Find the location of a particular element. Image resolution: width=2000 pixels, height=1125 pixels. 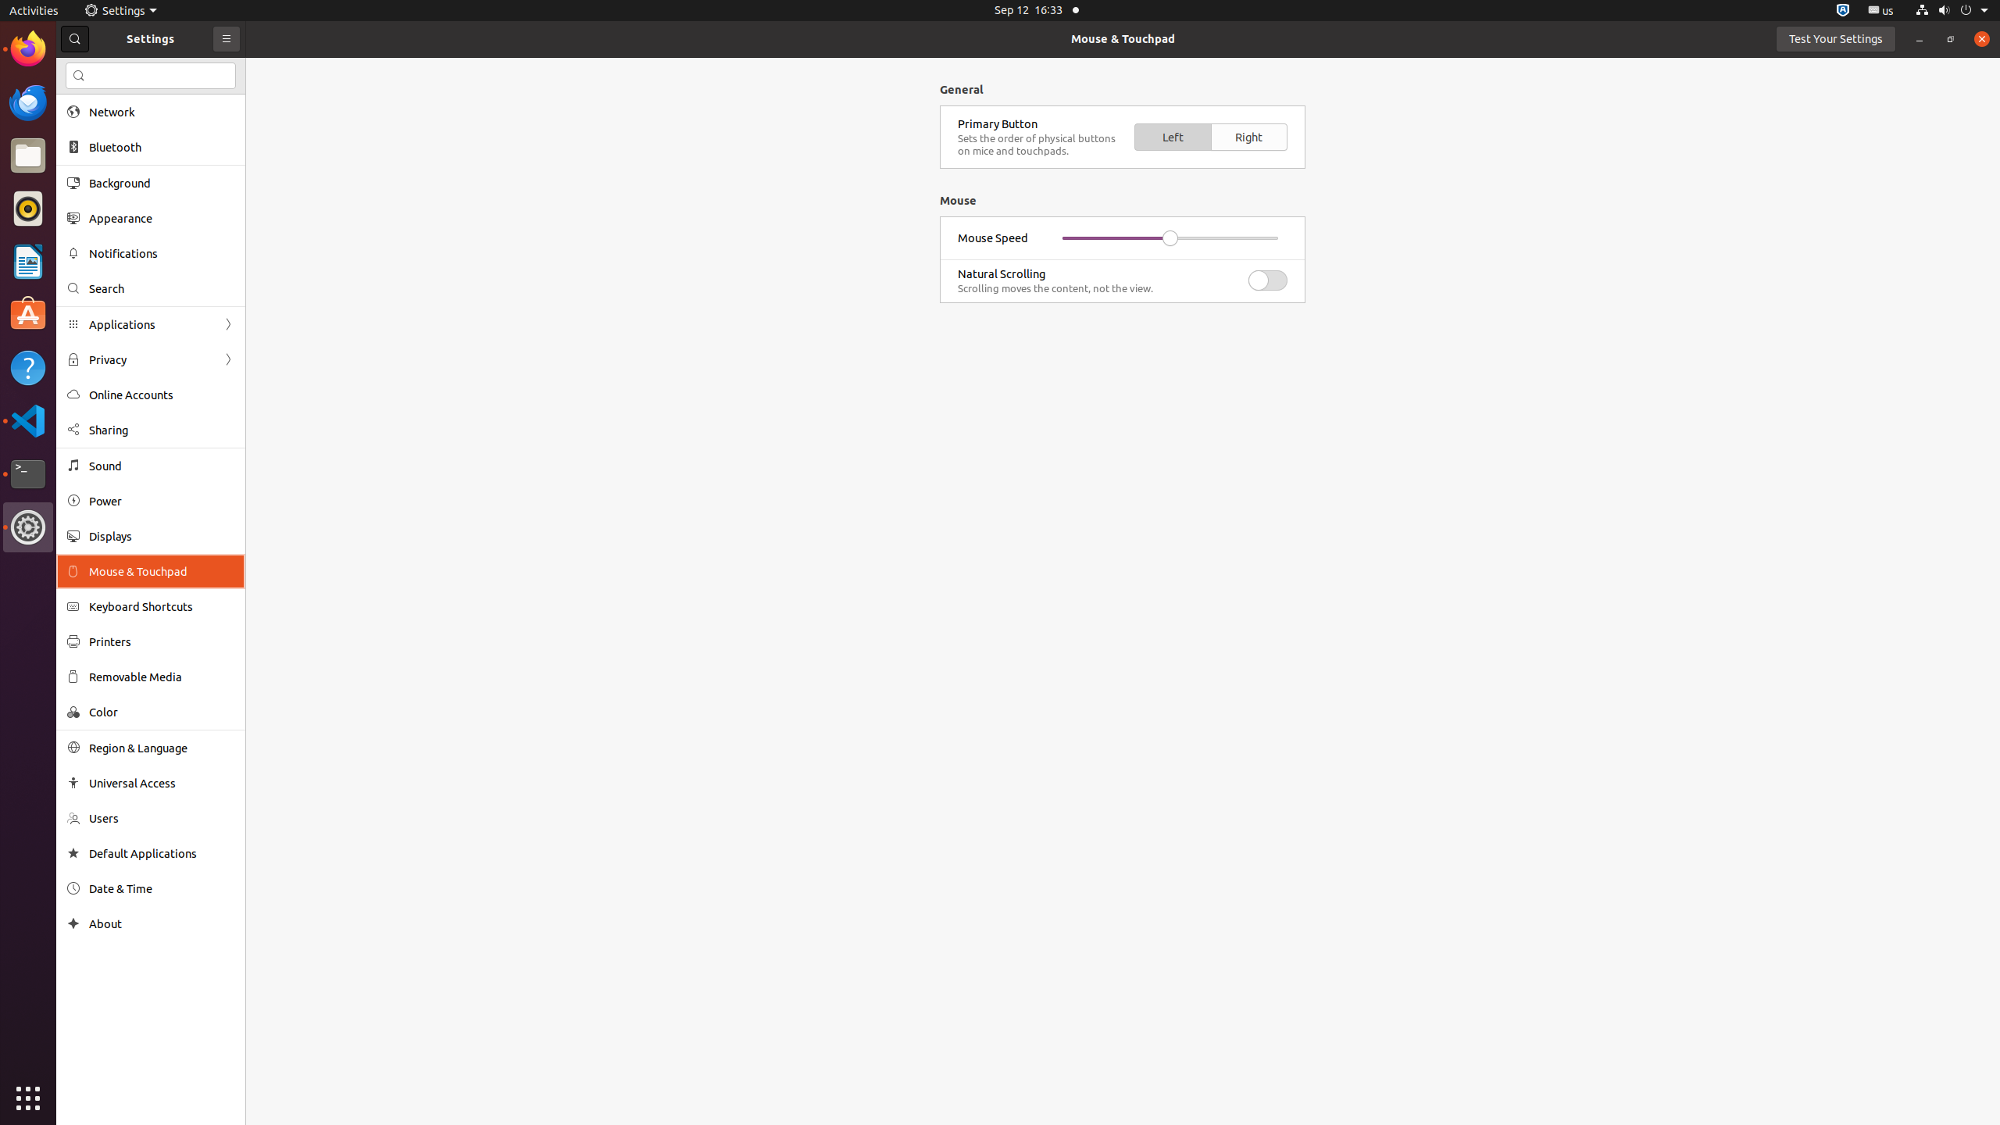

'Sound' is located at coordinates (162, 465).